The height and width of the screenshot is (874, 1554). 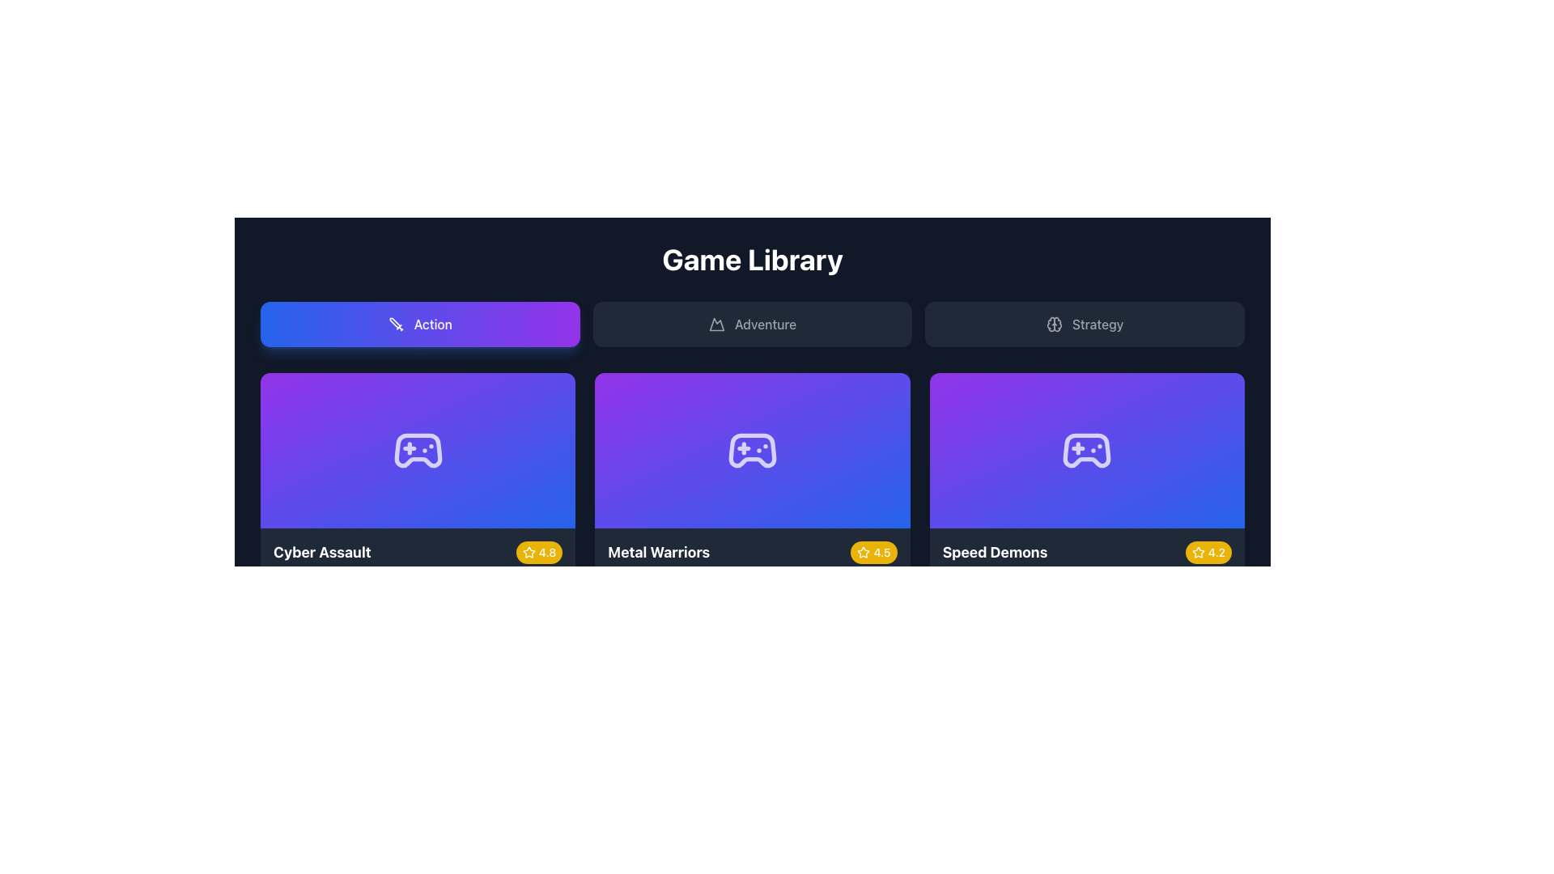 What do you see at coordinates (1216, 551) in the screenshot?
I see `displayed rating text from the text label showing '4.2' in white font, located in the bottom-right corner of the 'Speed Demons' card, within a rounded yellow badge` at bounding box center [1216, 551].